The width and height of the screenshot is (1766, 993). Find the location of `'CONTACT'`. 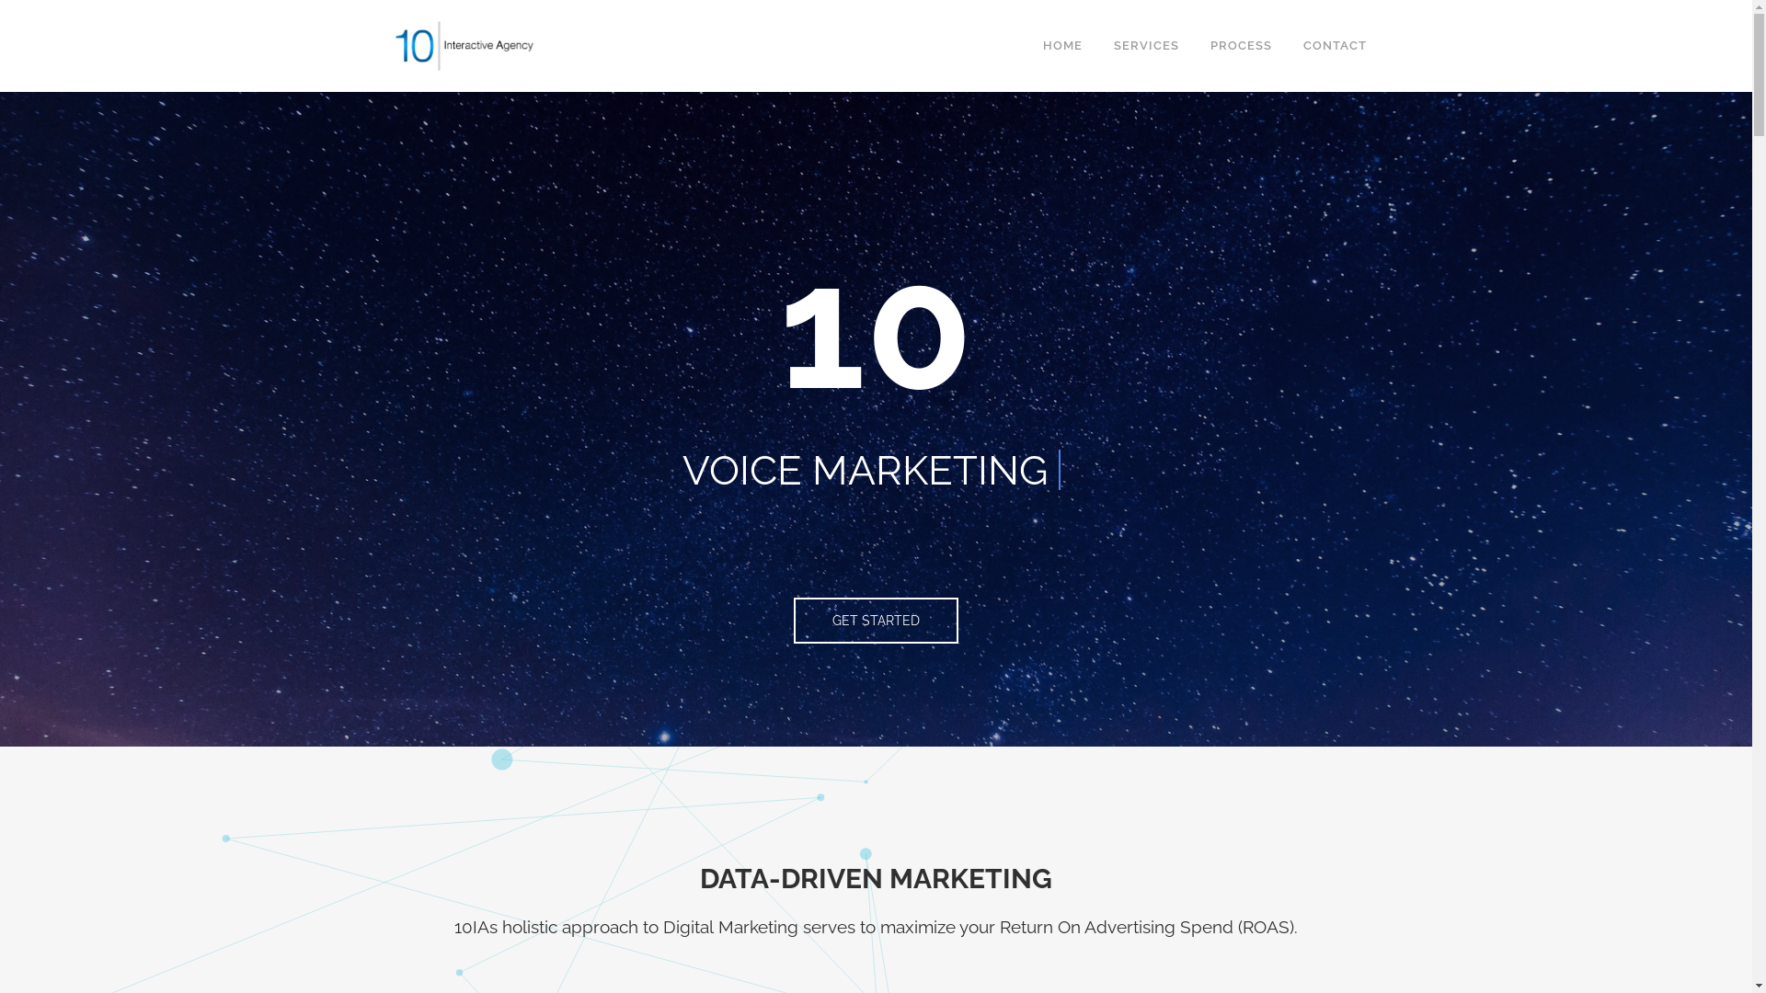

'CONTACT' is located at coordinates (1287, 45).